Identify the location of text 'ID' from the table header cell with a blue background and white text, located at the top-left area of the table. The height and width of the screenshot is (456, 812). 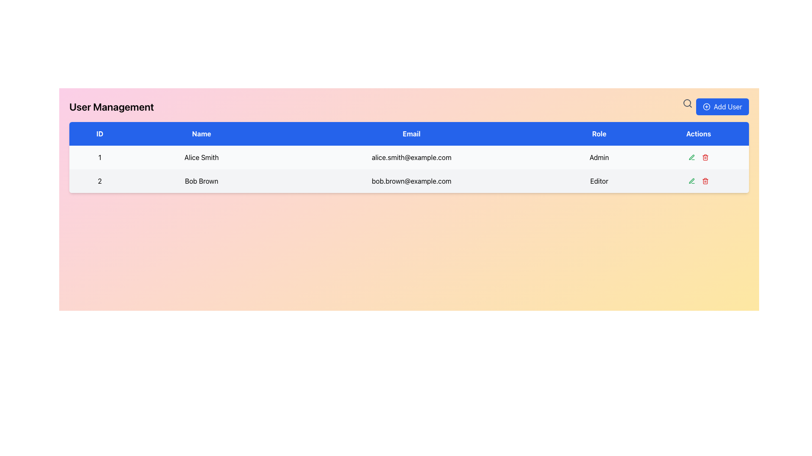
(100, 133).